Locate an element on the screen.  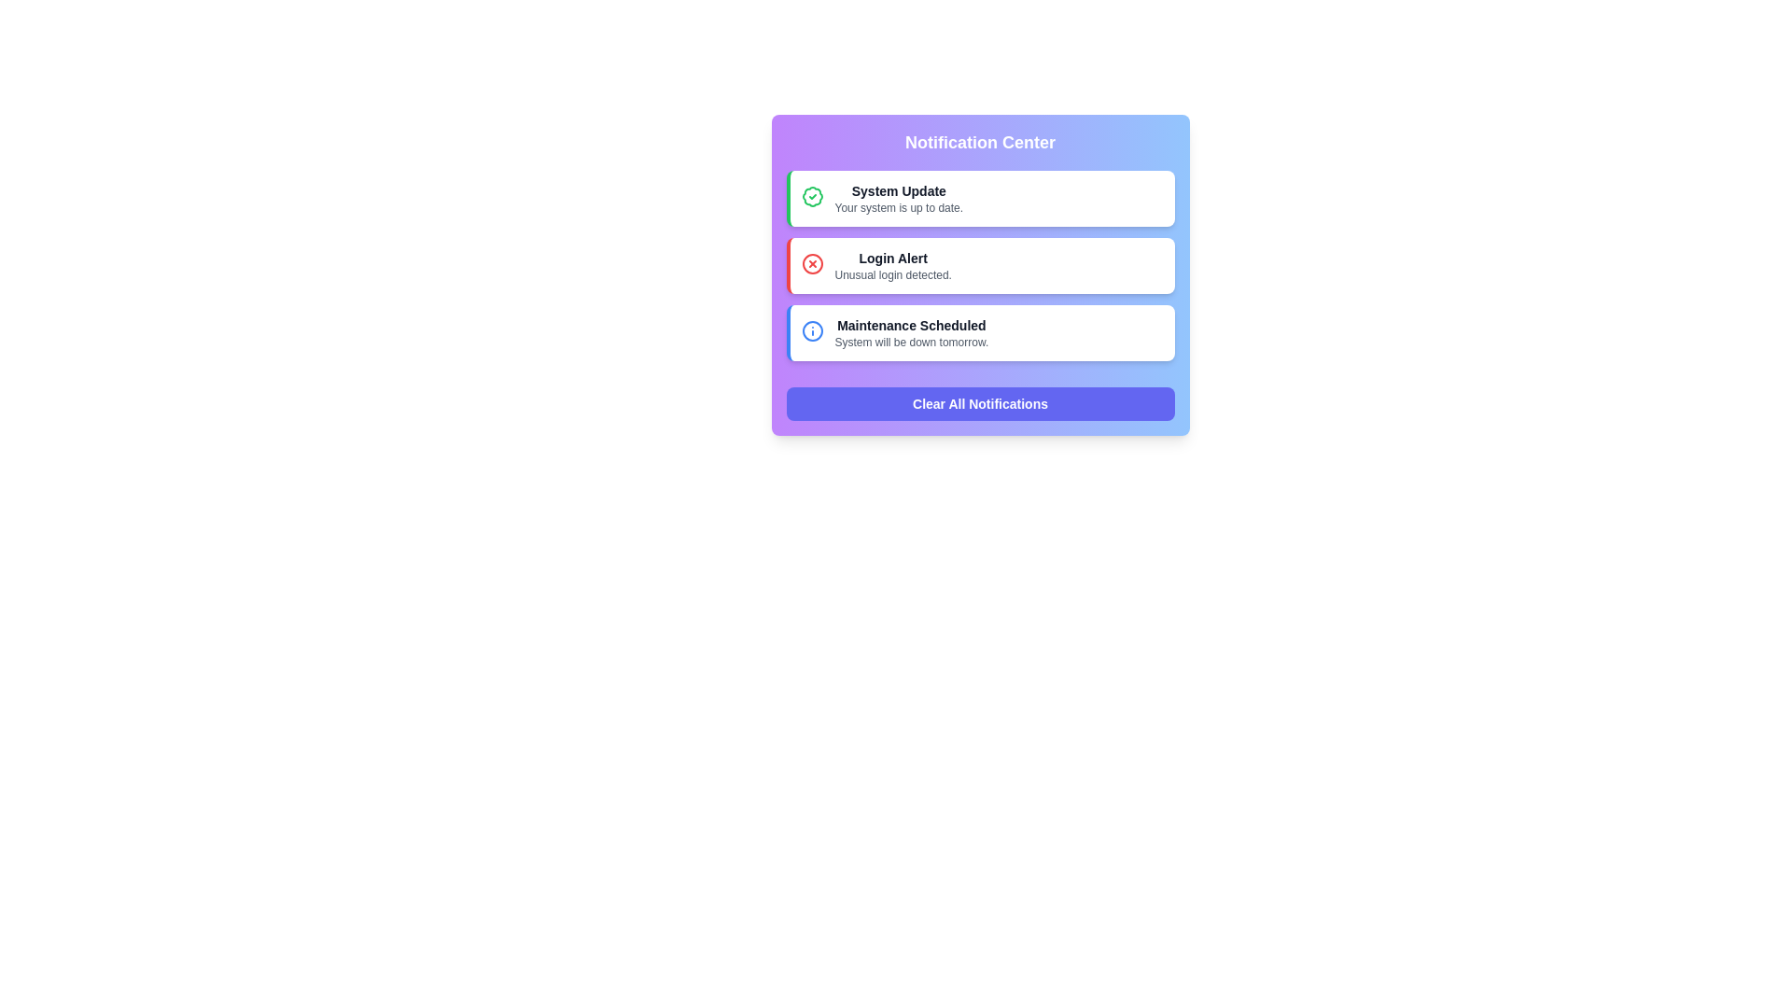
the Notification Card that informs the user about a login alert, positioned as the second notification in the Notification Center panel is located at coordinates (979, 274).